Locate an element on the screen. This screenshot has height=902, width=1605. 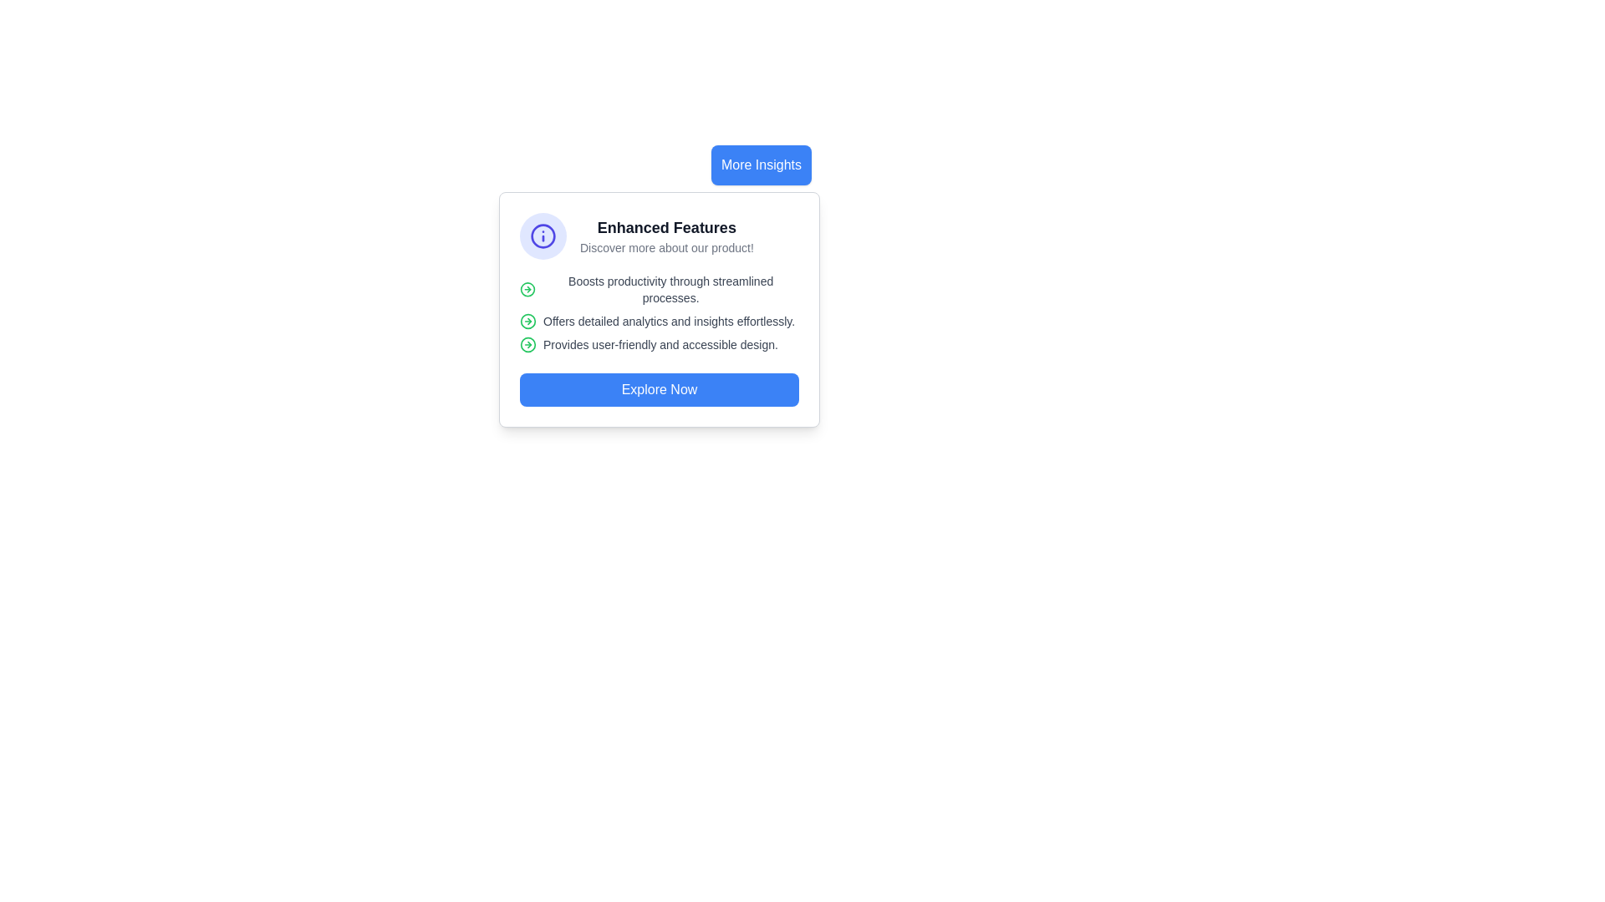
the circular green icon with a right-pointing arrow, located in the second row of the 'Enhanced Features' section, next to the text 'Offers detailed analytics and insights effortlessly.' is located at coordinates (527, 322).